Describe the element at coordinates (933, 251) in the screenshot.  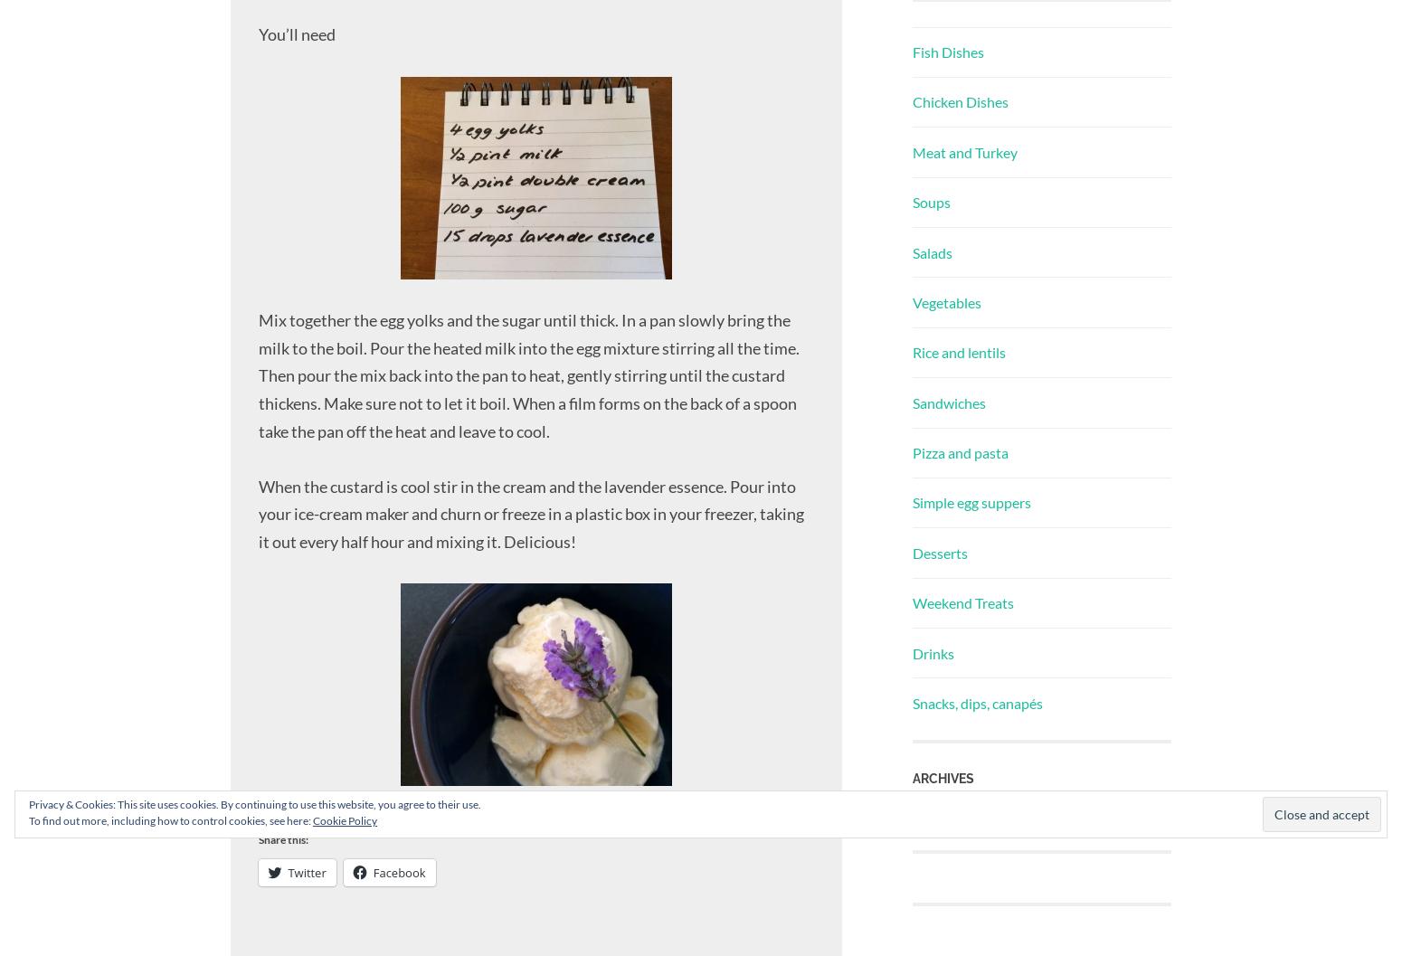
I see `'Salads'` at that location.